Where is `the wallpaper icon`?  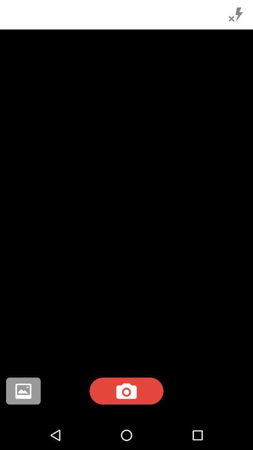
the wallpaper icon is located at coordinates (23, 391).